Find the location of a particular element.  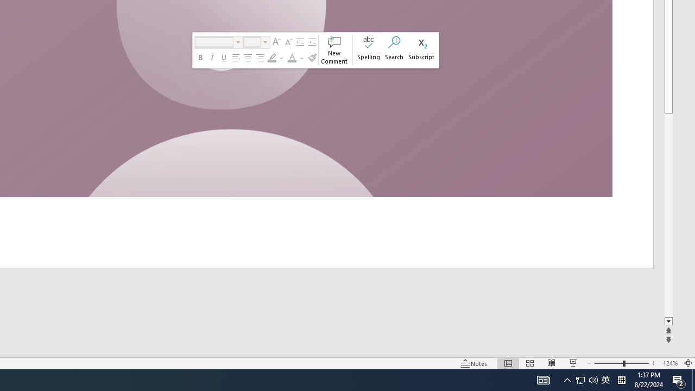

'Text Highlight Color' is located at coordinates (272, 58).